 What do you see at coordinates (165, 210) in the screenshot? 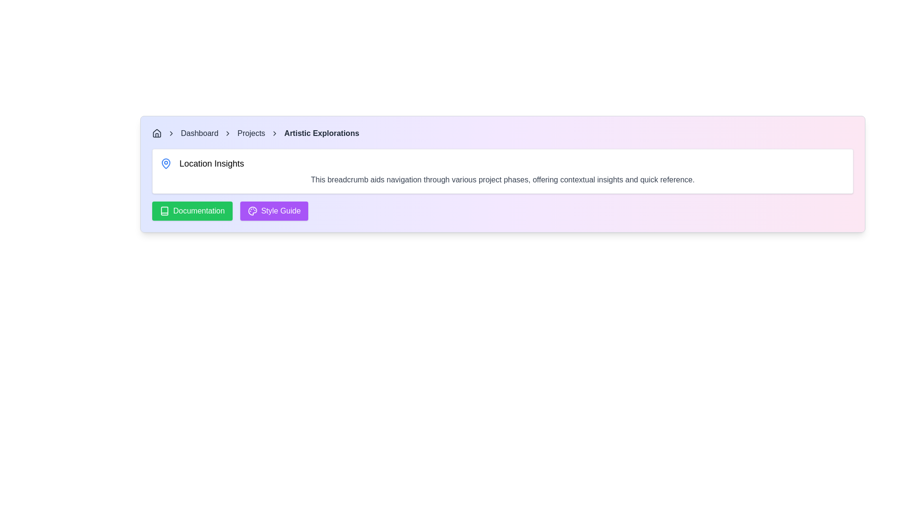
I see `the SVG-based graphical illustration of the book icon within the 'Documentation' button in the UI dashboard` at bounding box center [165, 210].